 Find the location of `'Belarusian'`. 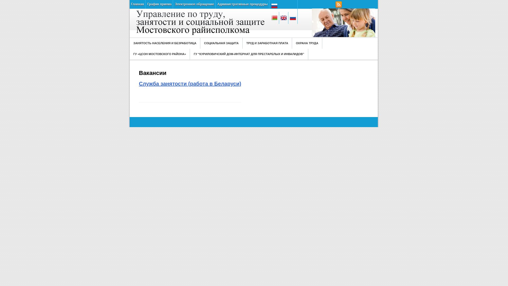

'Belarusian' is located at coordinates (274, 17).